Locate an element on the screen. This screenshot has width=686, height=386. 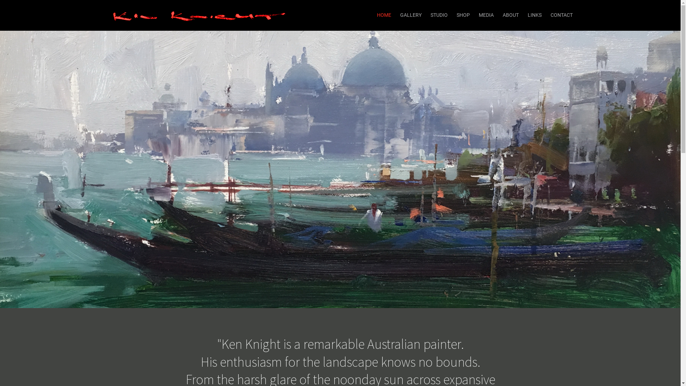
'MEDIA' is located at coordinates (486, 15).